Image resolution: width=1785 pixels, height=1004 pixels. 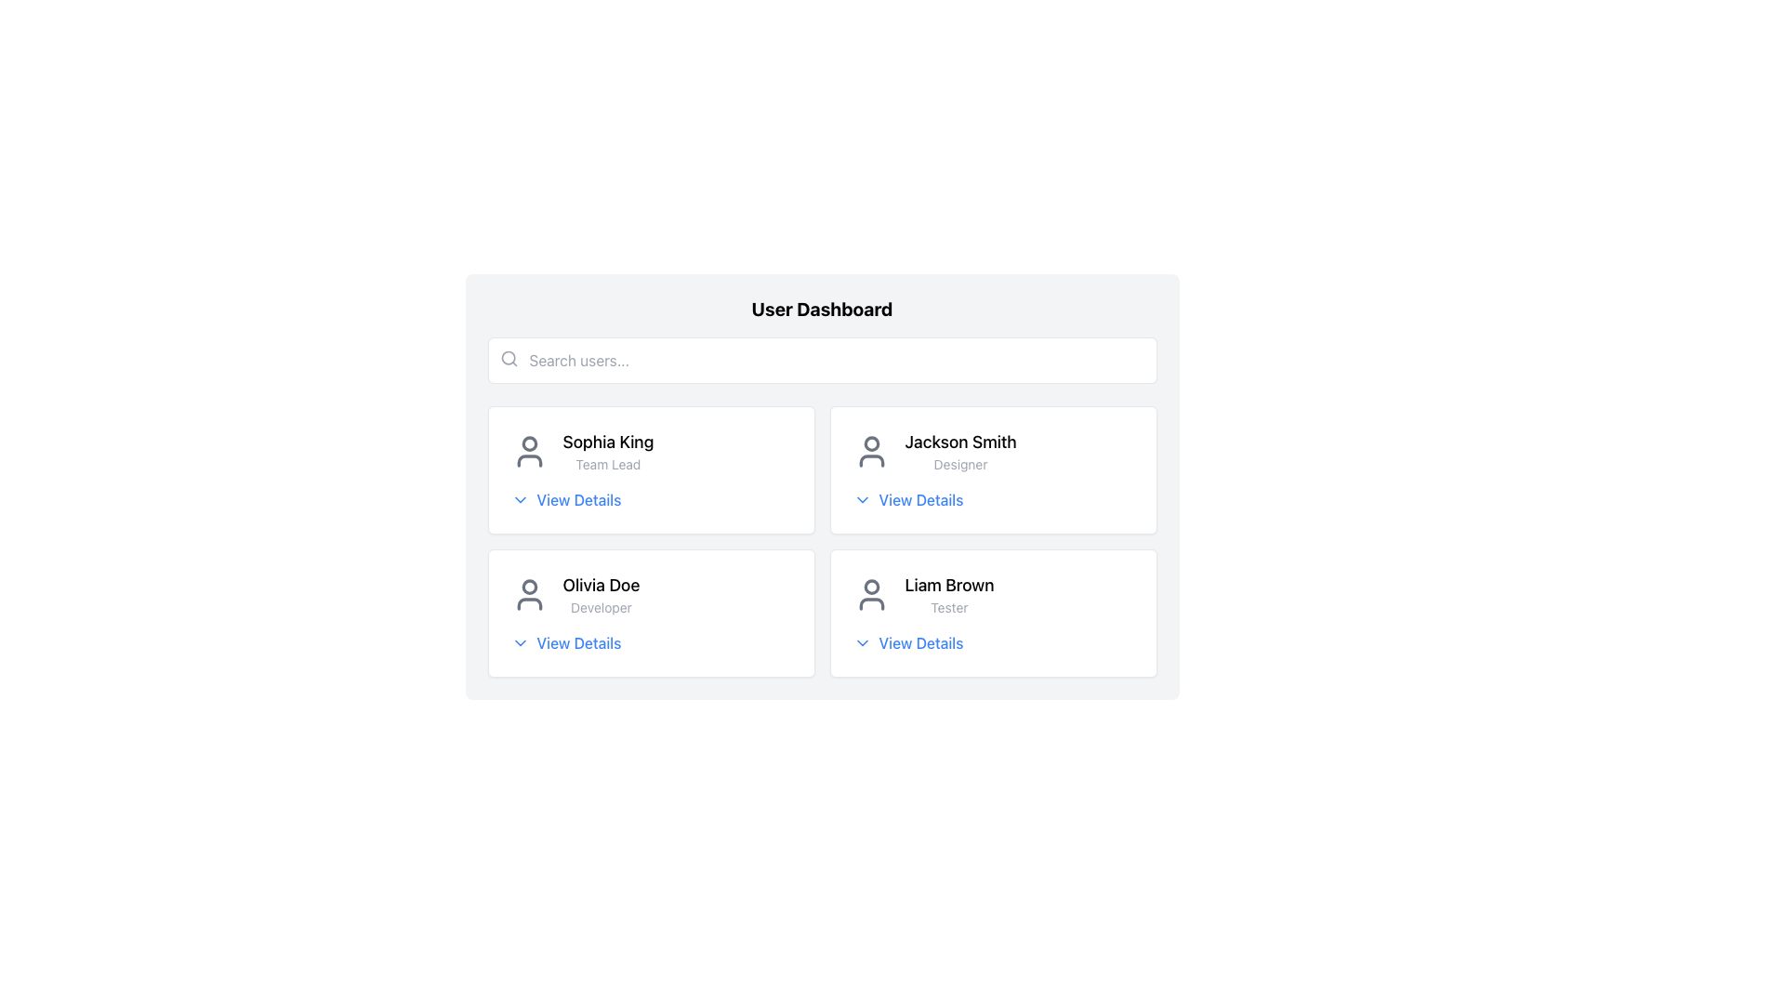 I want to click on the text label displaying 'Jackson Smith' and the title 'Designer' located in the top-right card of the User Dashboard interface, so click(x=960, y=452).